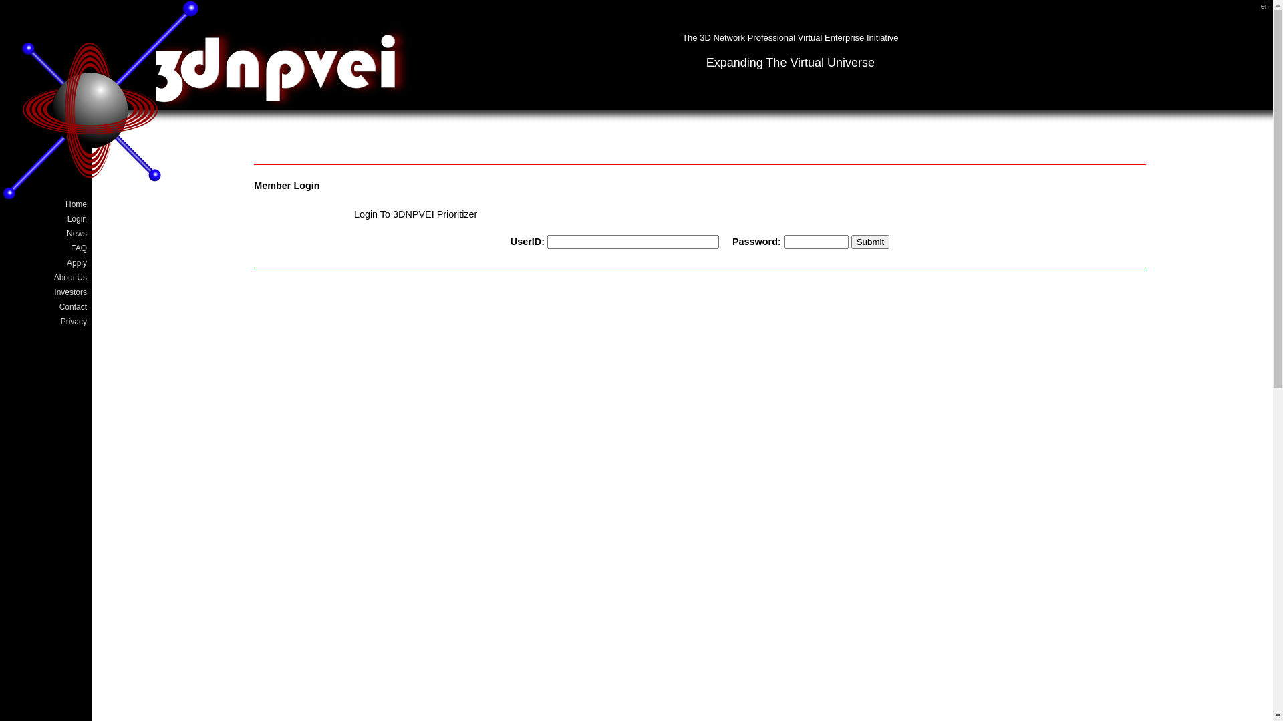 Image resolution: width=1283 pixels, height=721 pixels. I want to click on 'Privacy', so click(47, 322).